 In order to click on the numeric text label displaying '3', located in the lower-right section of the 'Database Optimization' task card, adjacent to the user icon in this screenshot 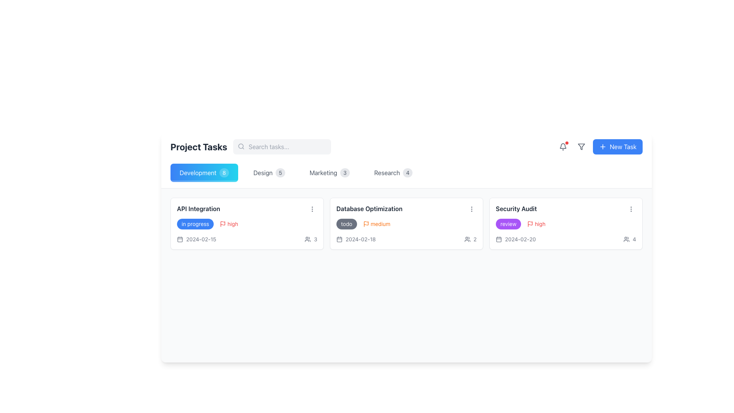, I will do `click(315, 239)`.